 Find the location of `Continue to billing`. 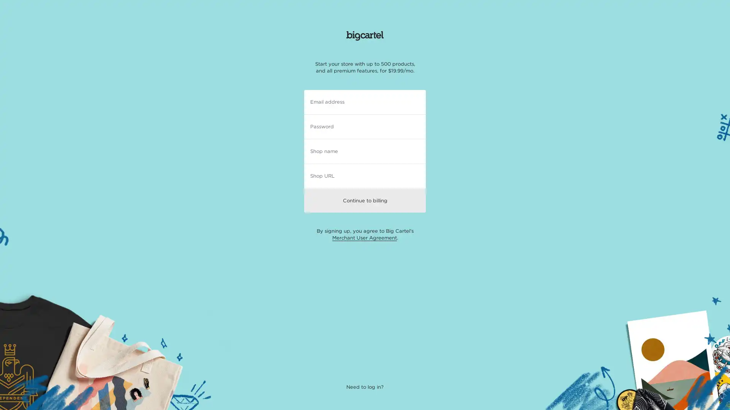

Continue to billing is located at coordinates (365, 200).